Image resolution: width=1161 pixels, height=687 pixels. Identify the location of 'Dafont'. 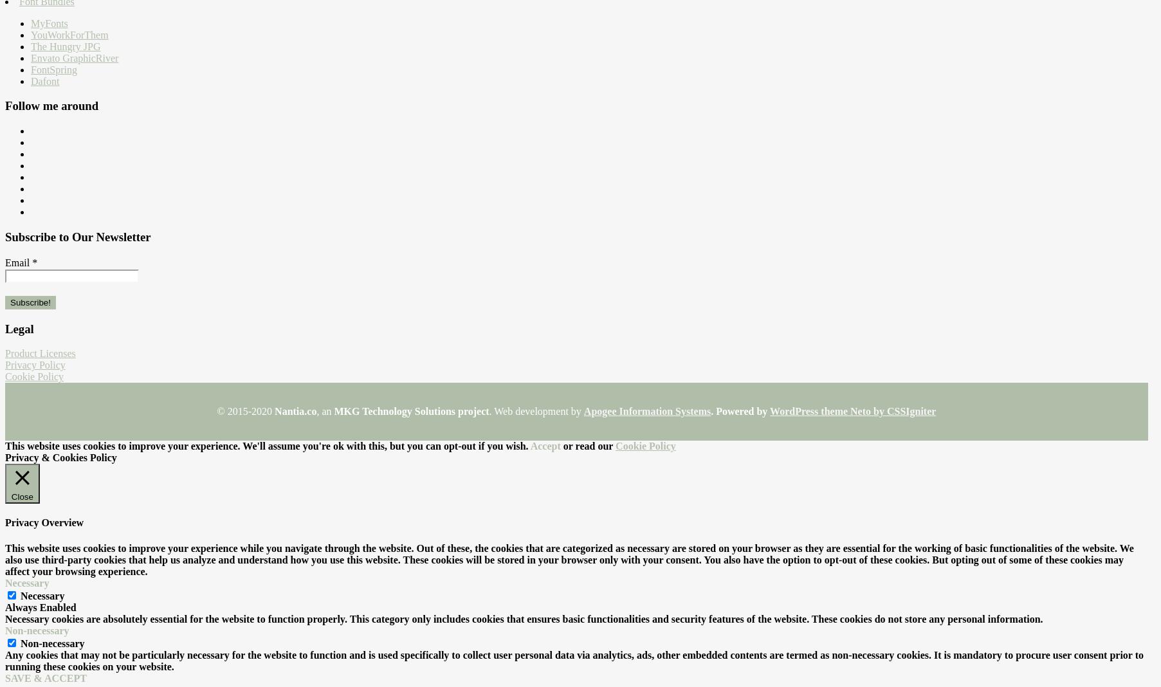
(45, 80).